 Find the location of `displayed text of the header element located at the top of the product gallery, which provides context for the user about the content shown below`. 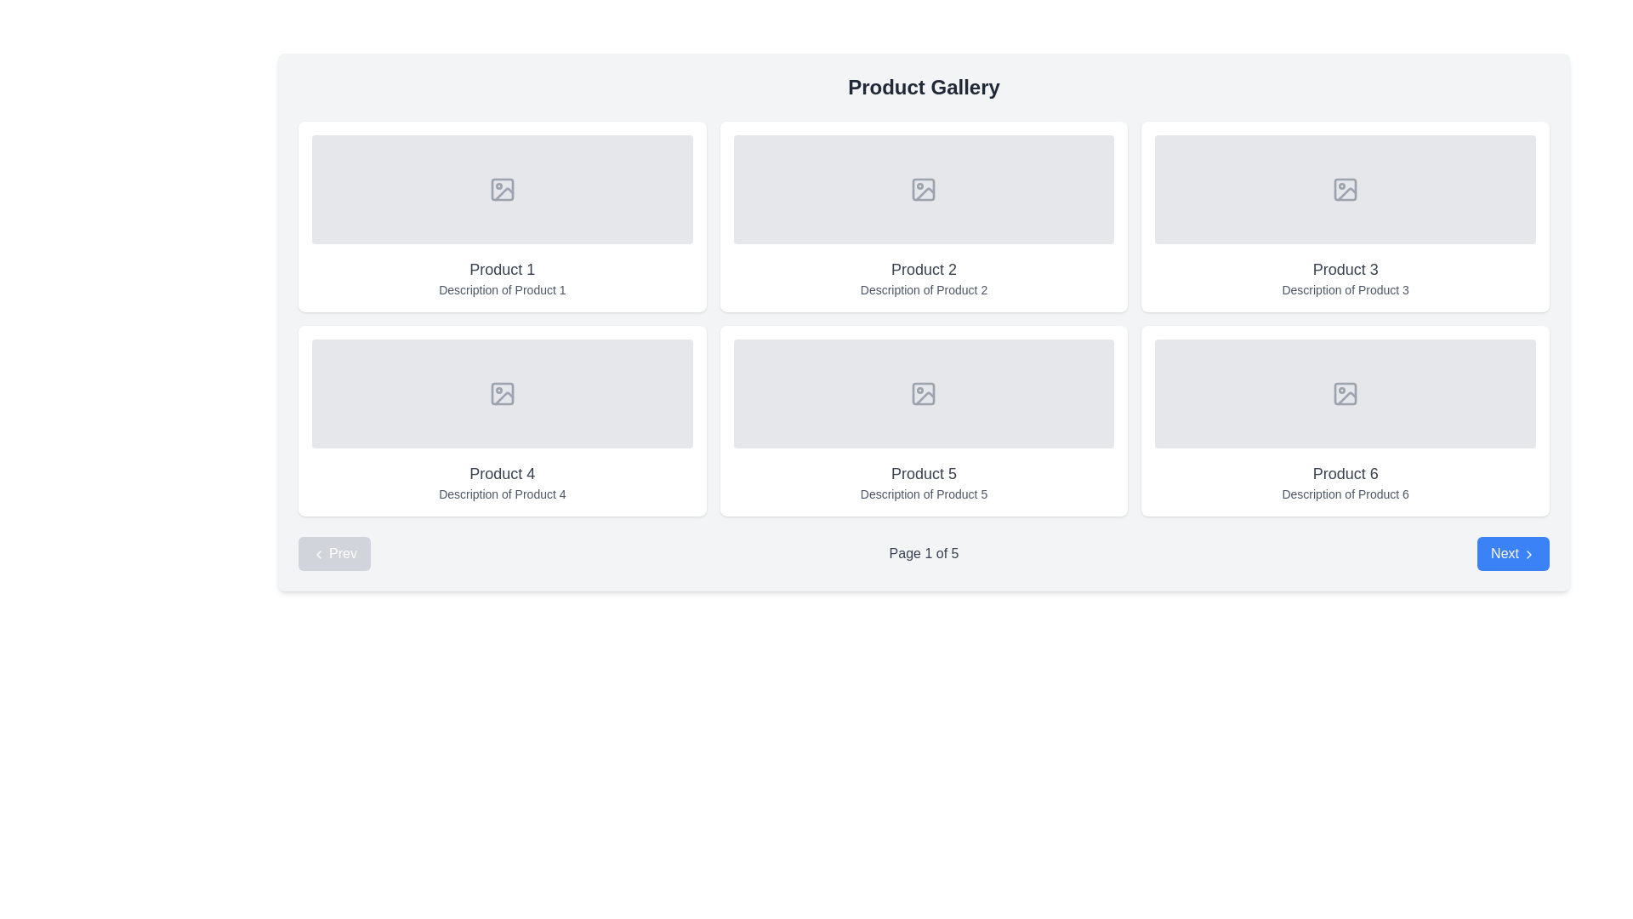

displayed text of the header element located at the top of the product gallery, which provides context for the user about the content shown below is located at coordinates (923, 88).